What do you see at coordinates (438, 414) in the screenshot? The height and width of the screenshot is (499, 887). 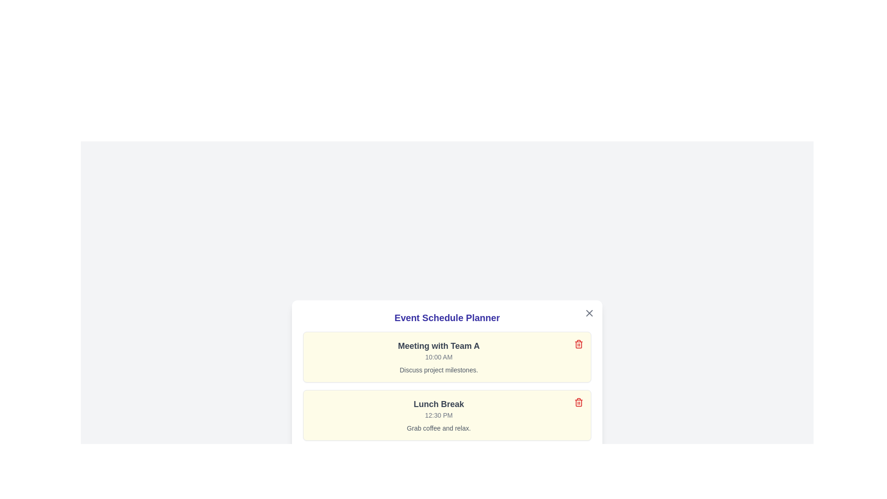 I see `displayed timestamp '12:30 PM' from the gray-colored text label styled as 'text-sm text-gray-500', positioned below the title 'Lunch Break'` at bounding box center [438, 414].